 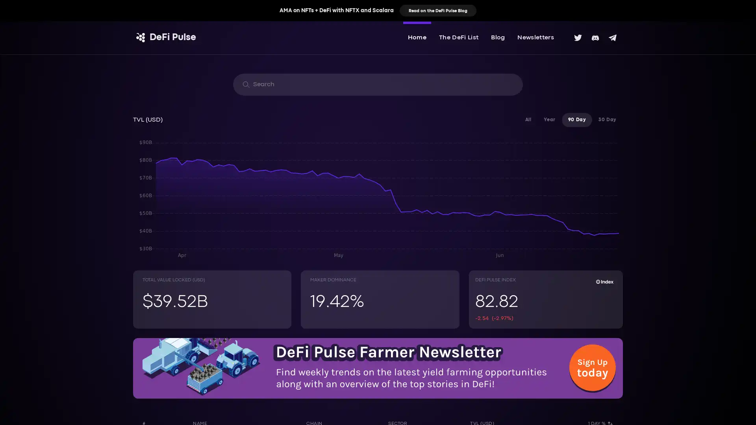 What do you see at coordinates (607, 120) in the screenshot?
I see `30 Day` at bounding box center [607, 120].